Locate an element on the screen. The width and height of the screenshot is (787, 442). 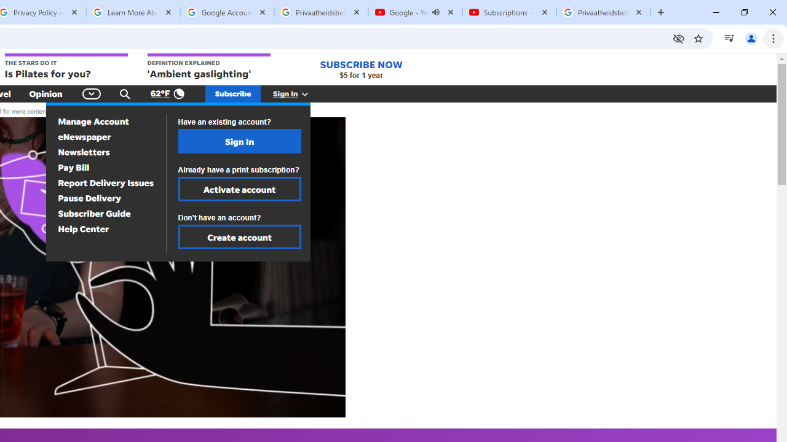
'Activate account' is located at coordinates (239, 189).